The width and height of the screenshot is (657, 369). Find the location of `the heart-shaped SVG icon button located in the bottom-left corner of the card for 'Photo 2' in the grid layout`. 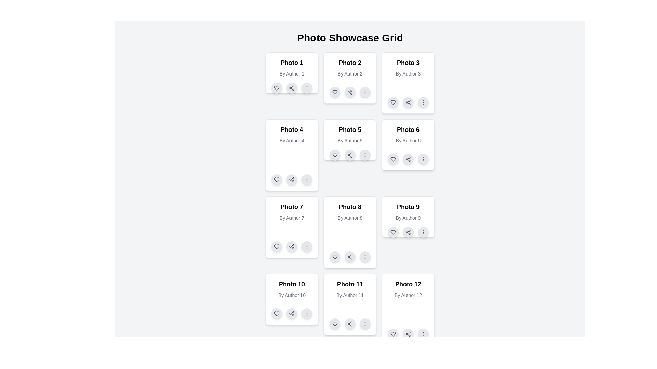

the heart-shaped SVG icon button located in the bottom-left corner of the card for 'Photo 2' in the grid layout is located at coordinates (335, 92).